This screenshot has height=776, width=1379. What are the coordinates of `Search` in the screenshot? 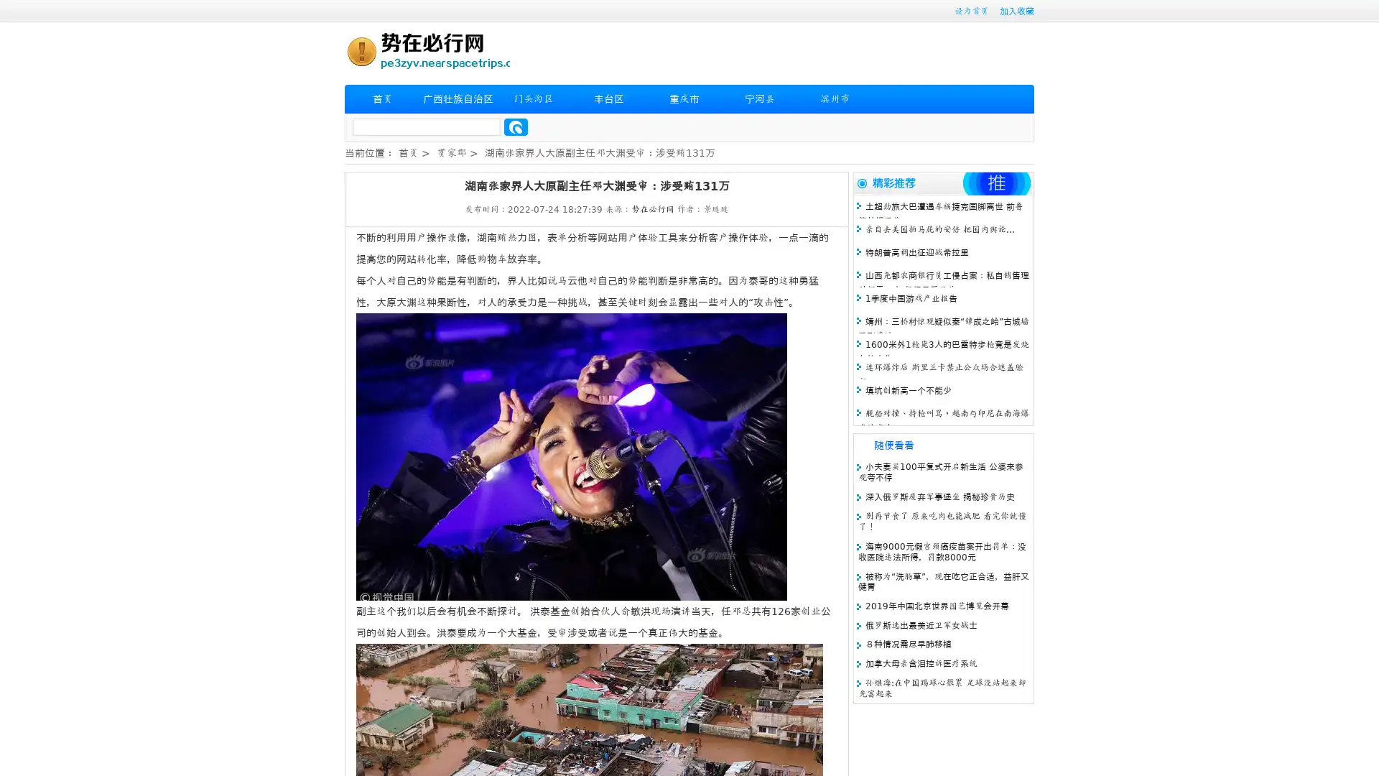 It's located at (516, 126).